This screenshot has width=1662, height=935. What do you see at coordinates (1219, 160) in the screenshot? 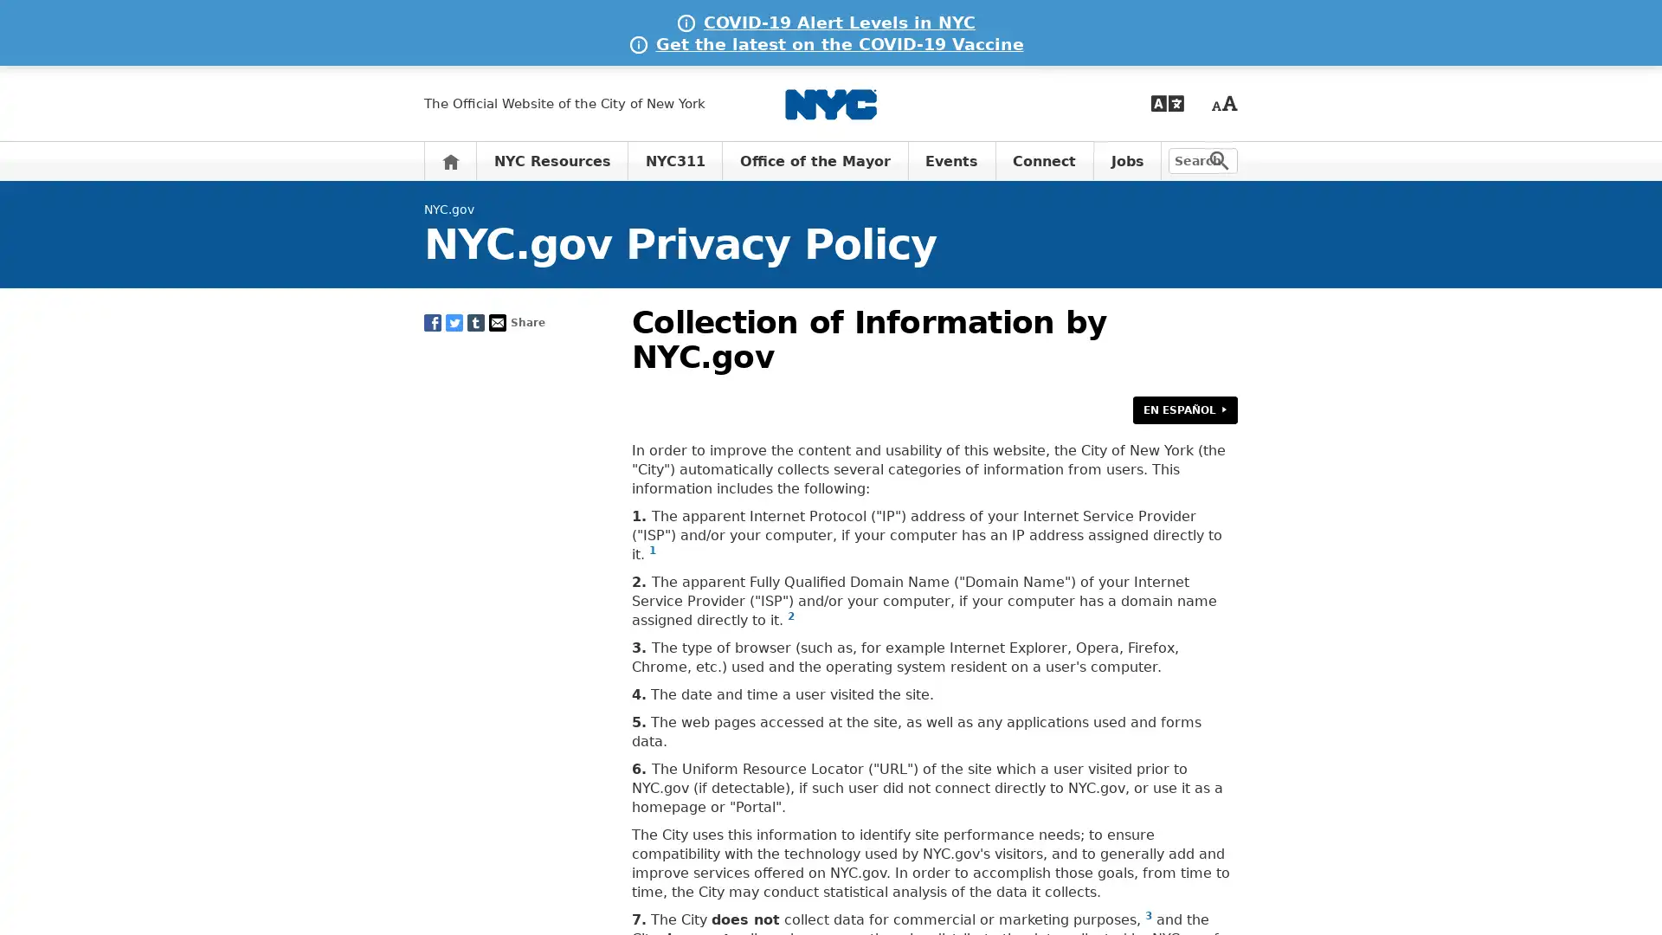
I see `Search` at bounding box center [1219, 160].